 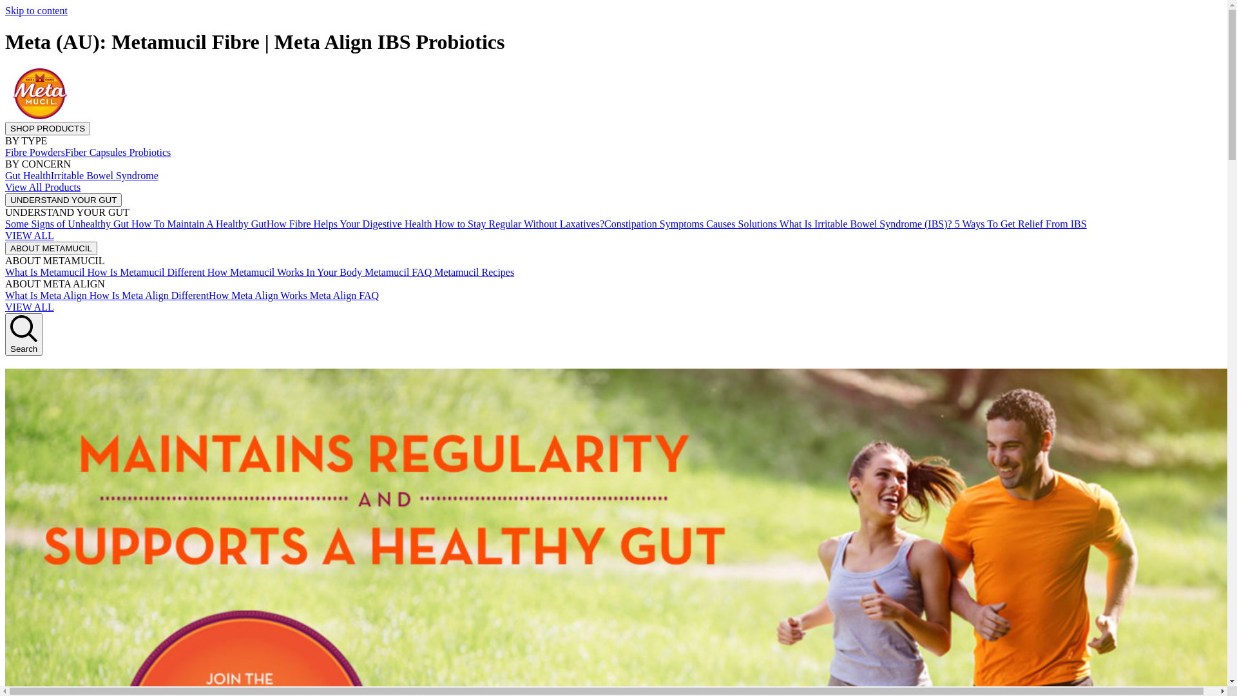 I want to click on 'How Fibre Helps Your Digestive Health', so click(x=349, y=223).